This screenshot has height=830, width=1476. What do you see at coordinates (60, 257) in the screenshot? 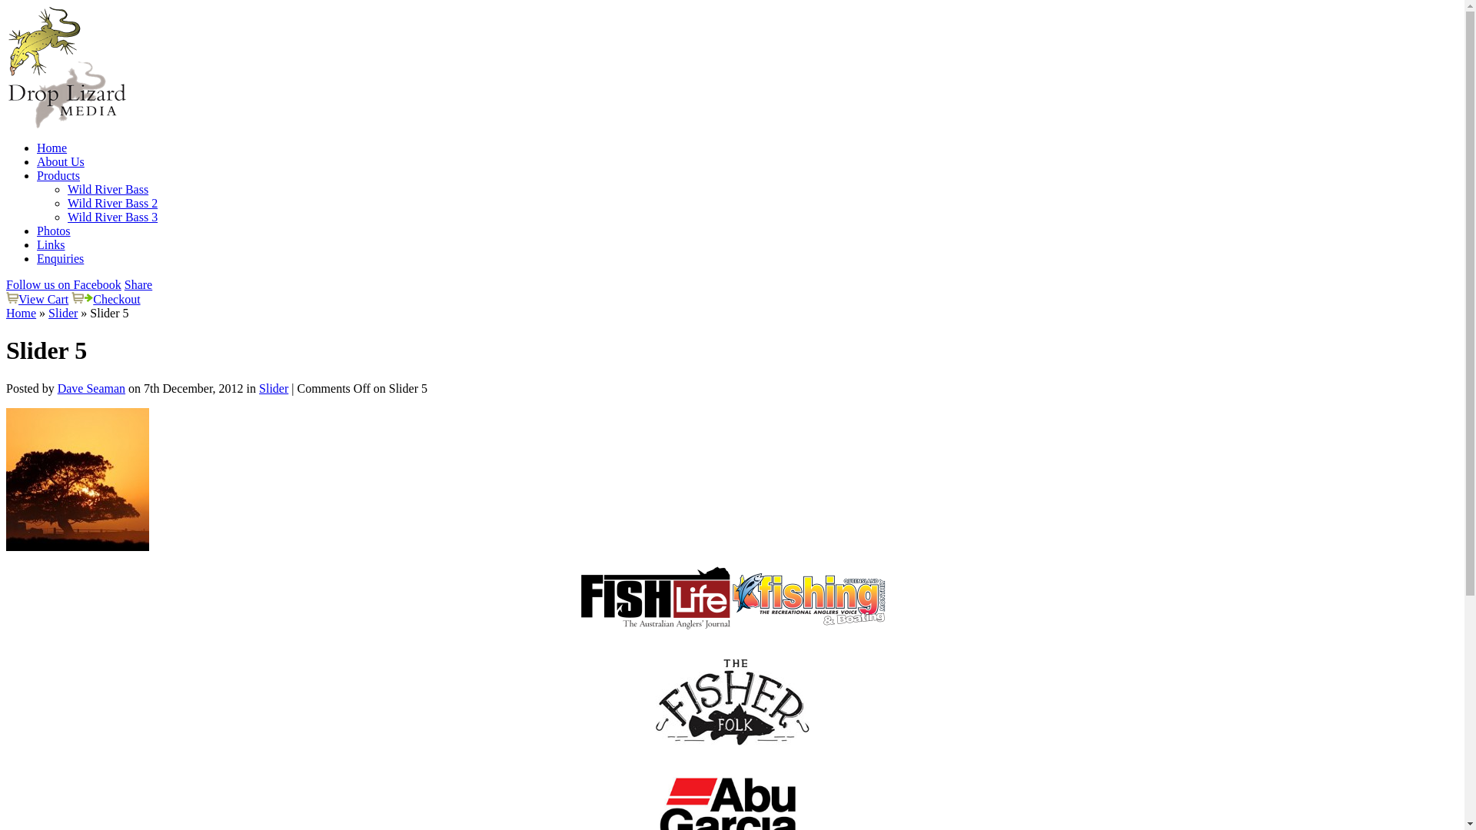
I see `'Enquiries'` at bounding box center [60, 257].